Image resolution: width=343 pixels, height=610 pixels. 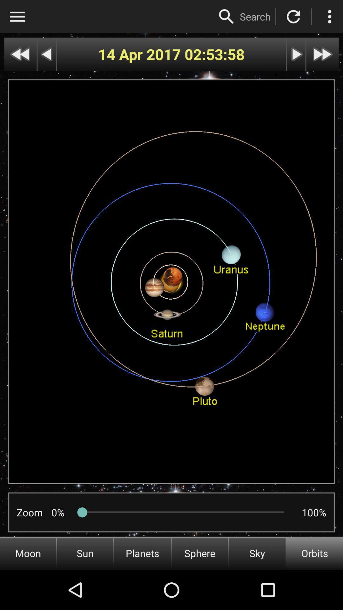 What do you see at coordinates (17, 17) in the screenshot?
I see `open menu` at bounding box center [17, 17].